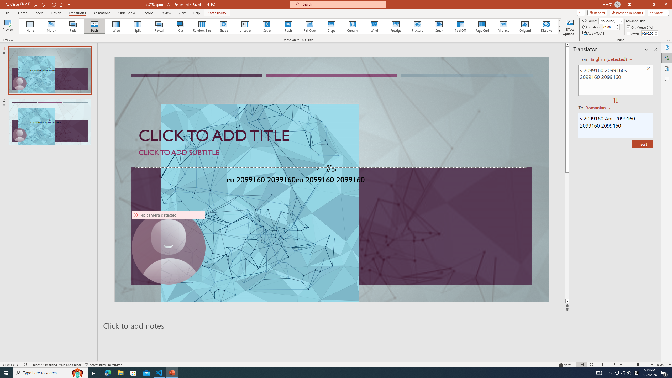 The height and width of the screenshot is (378, 672). What do you see at coordinates (640, 27) in the screenshot?
I see `'On Mouse Click'` at bounding box center [640, 27].